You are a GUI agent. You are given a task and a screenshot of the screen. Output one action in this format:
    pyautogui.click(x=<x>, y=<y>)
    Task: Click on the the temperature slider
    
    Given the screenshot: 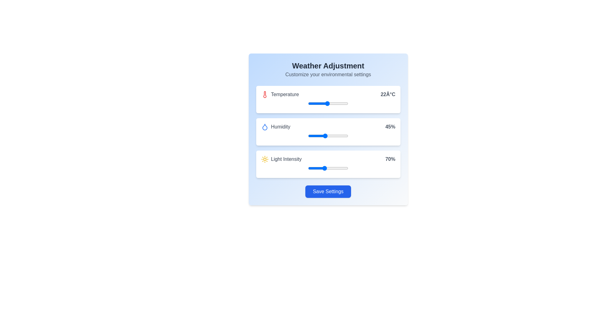 What is the action you would take?
    pyautogui.click(x=340, y=103)
    